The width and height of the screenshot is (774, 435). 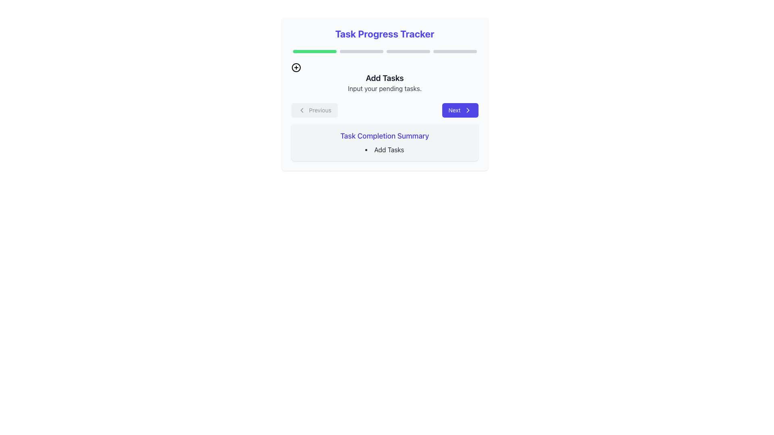 I want to click on the 'Previous' button which contains the SVG icon, so click(x=301, y=110).